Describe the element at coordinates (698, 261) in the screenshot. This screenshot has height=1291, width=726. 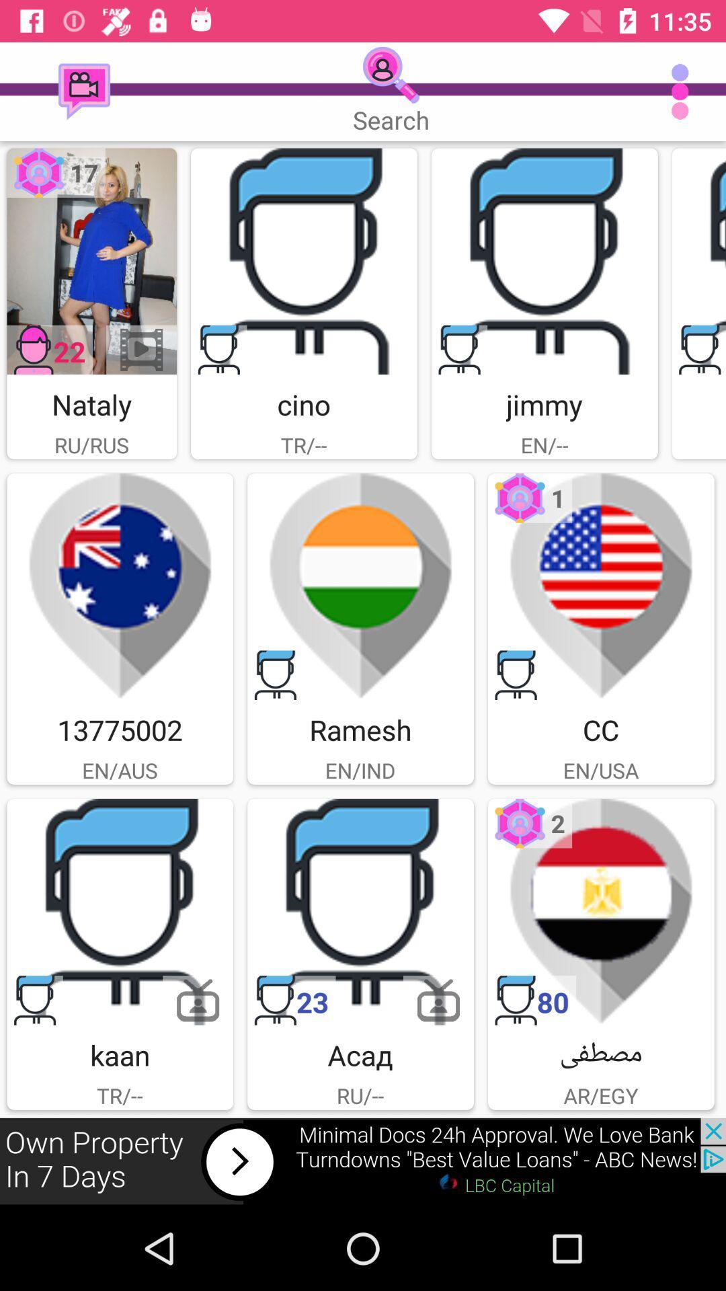
I see `slogan` at that location.